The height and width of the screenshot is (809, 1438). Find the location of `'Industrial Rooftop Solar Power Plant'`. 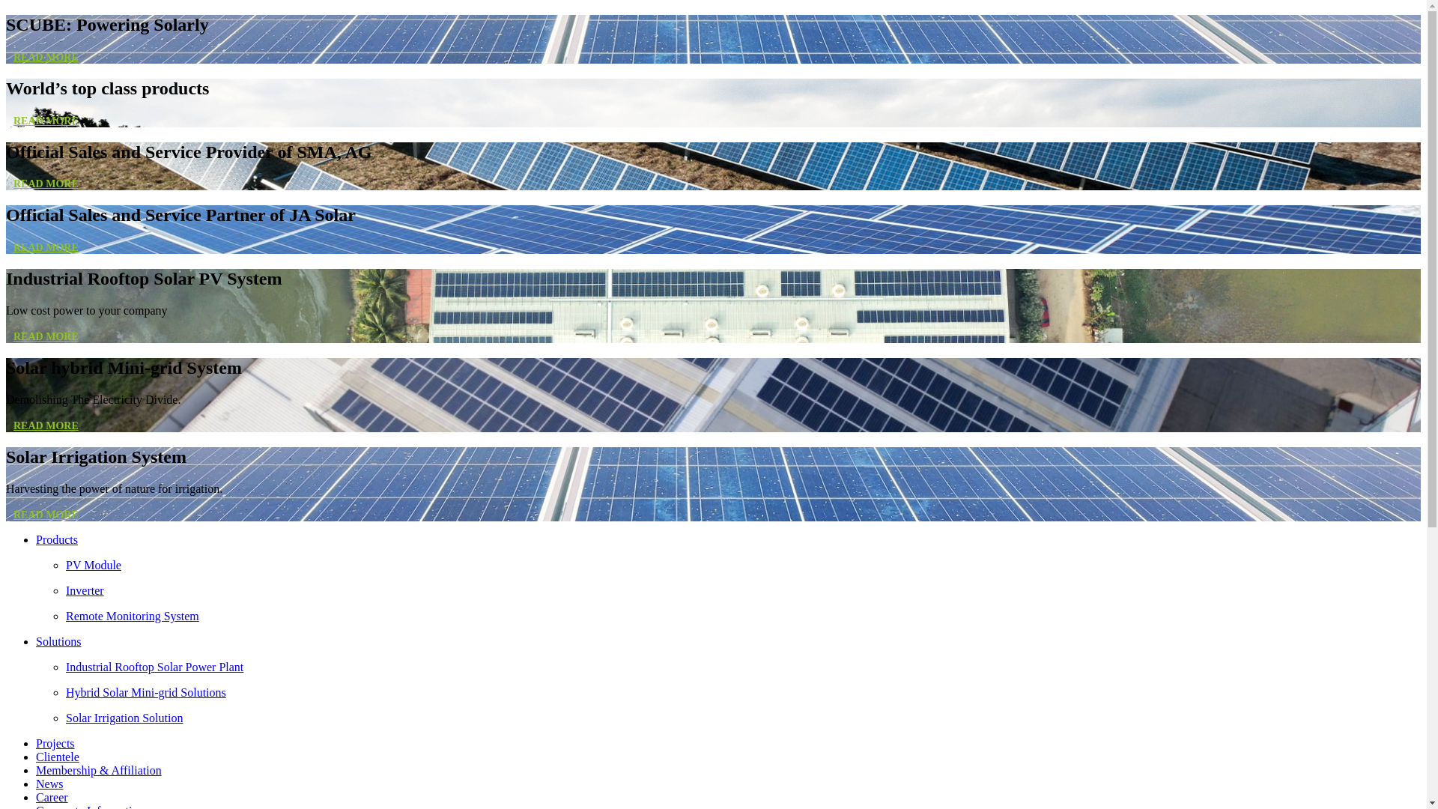

'Industrial Rooftop Solar Power Plant' is located at coordinates (743, 667).